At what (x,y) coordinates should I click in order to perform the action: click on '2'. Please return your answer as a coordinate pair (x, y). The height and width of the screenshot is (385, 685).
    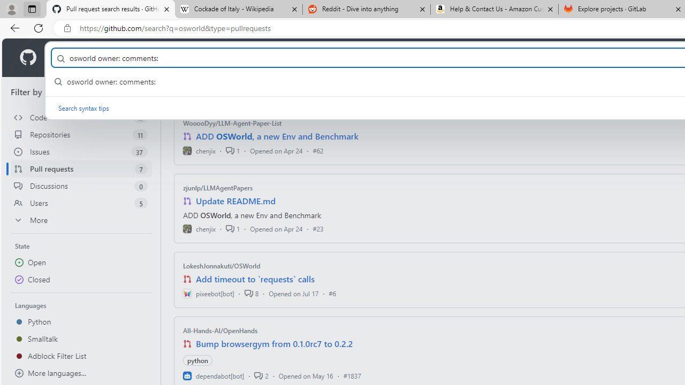
    Looking at the image, I should click on (261, 375).